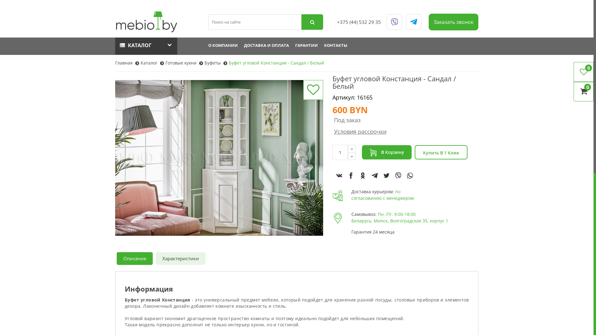 This screenshot has height=335, width=596. Describe the element at coordinates (372, 153) in the screenshot. I see `'shopping-cart'` at that location.